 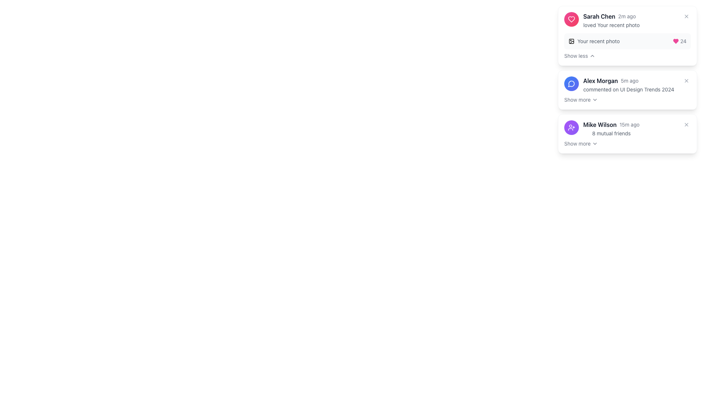 I want to click on the subtle gray text displaying 'commented on UI Design Trends 2024' located in the second notification card beneath 'Alex Morgan' and '5m ago', so click(x=628, y=89).